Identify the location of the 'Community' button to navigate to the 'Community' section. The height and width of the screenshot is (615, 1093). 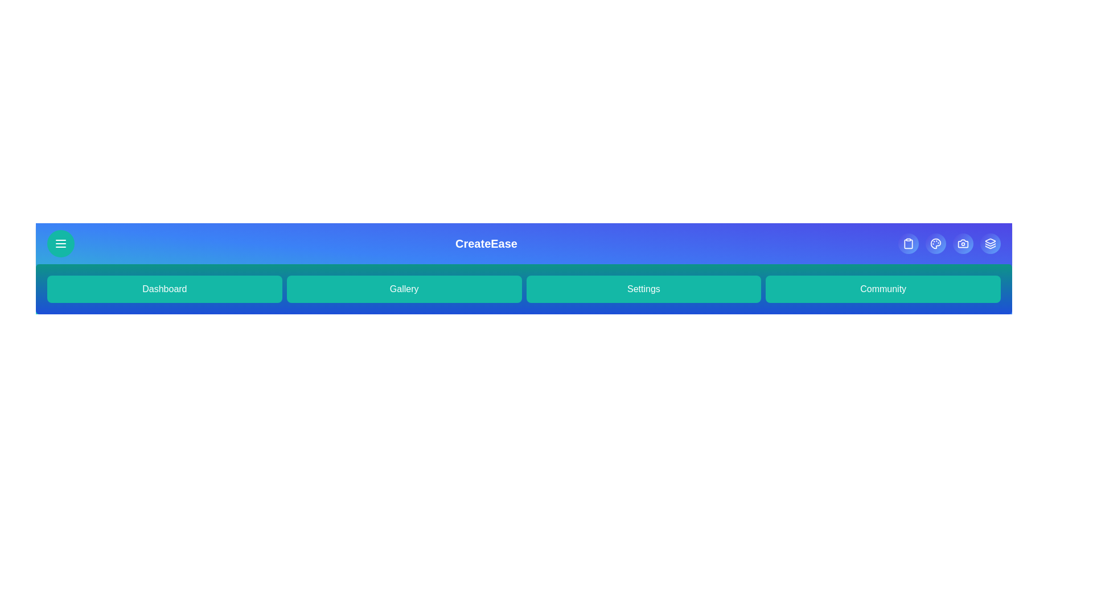
(882, 289).